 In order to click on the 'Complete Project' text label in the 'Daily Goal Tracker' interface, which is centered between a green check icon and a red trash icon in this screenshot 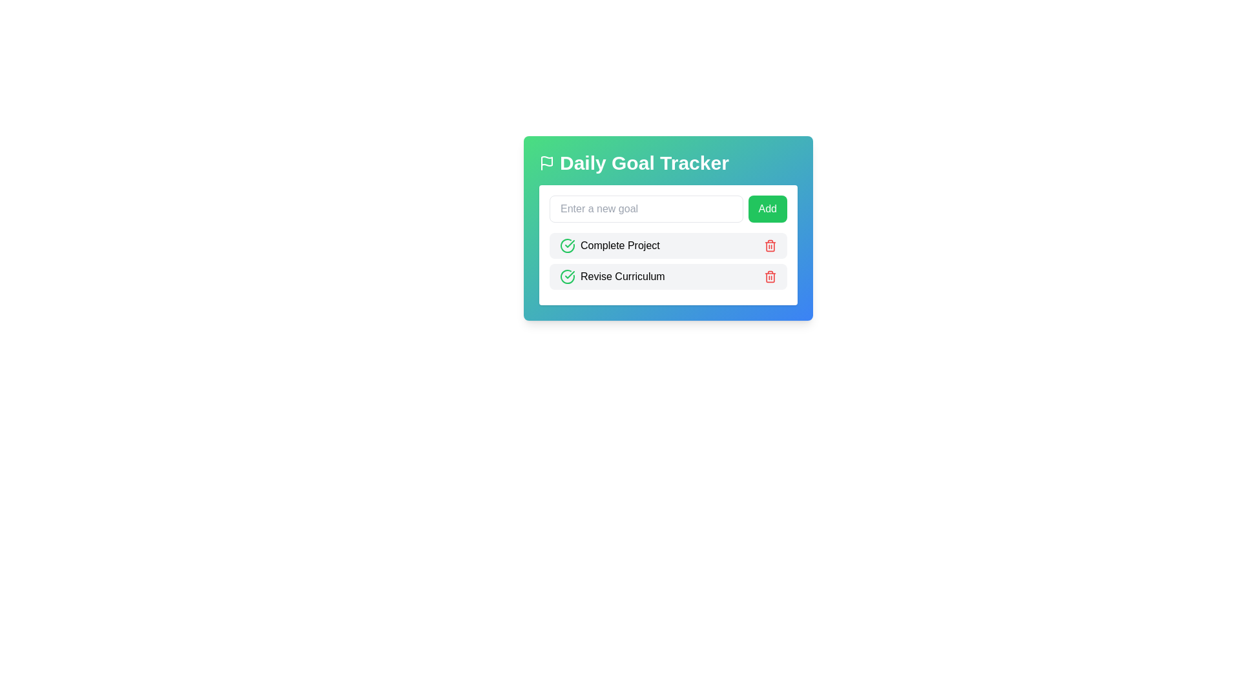, I will do `click(620, 246)`.